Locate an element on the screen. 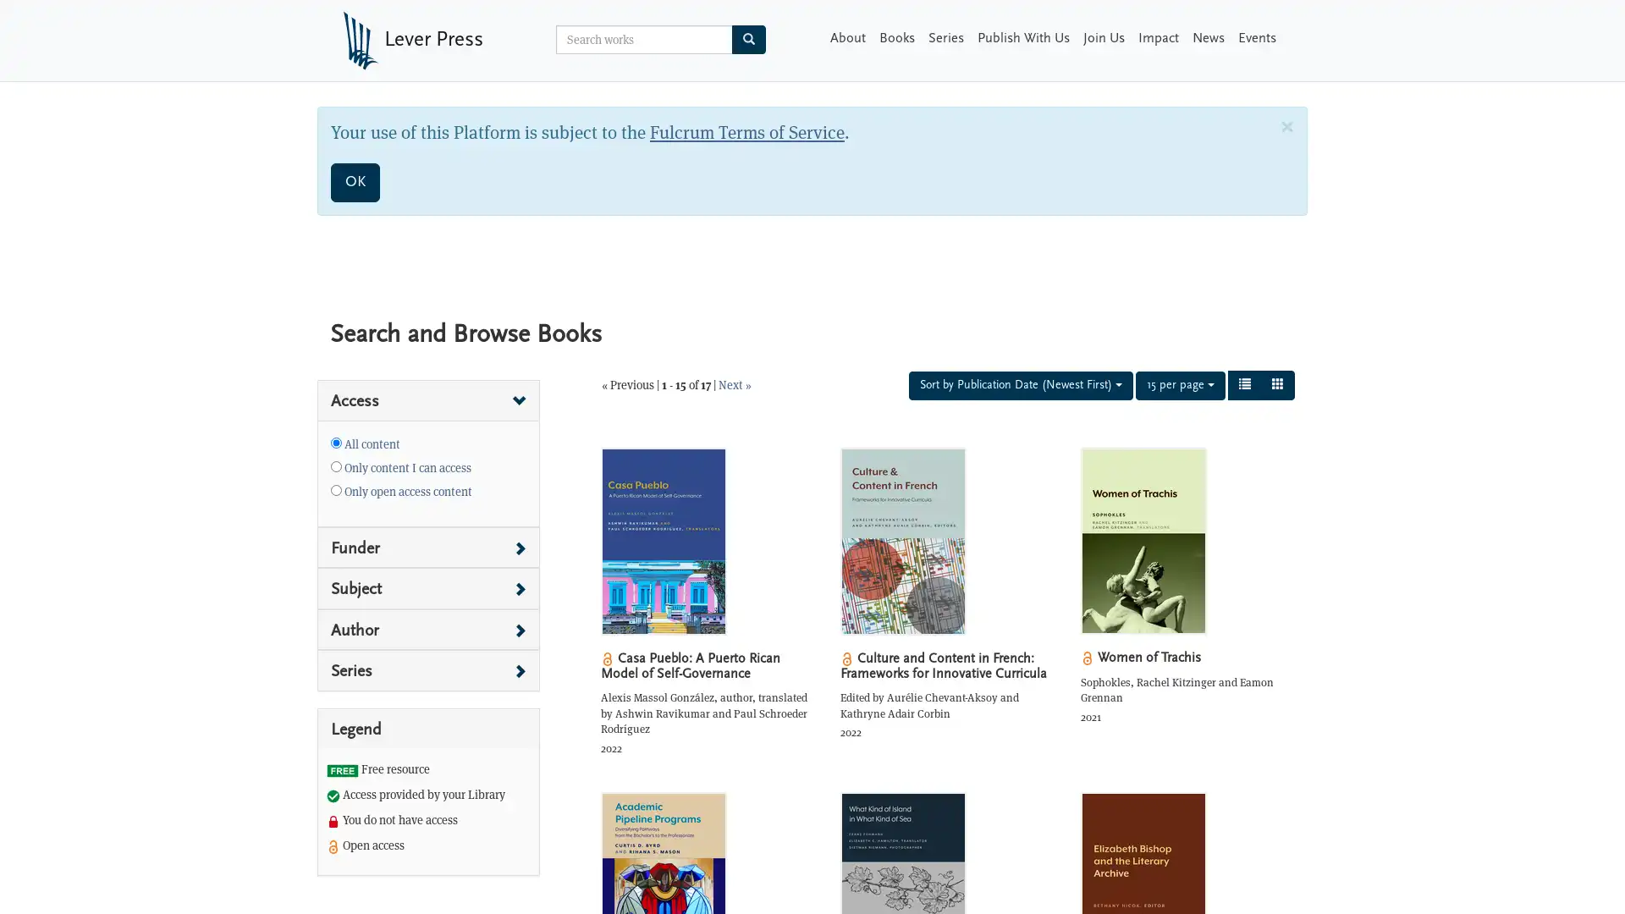 The image size is (1625, 914). Filter search results by Author is located at coordinates (427, 629).